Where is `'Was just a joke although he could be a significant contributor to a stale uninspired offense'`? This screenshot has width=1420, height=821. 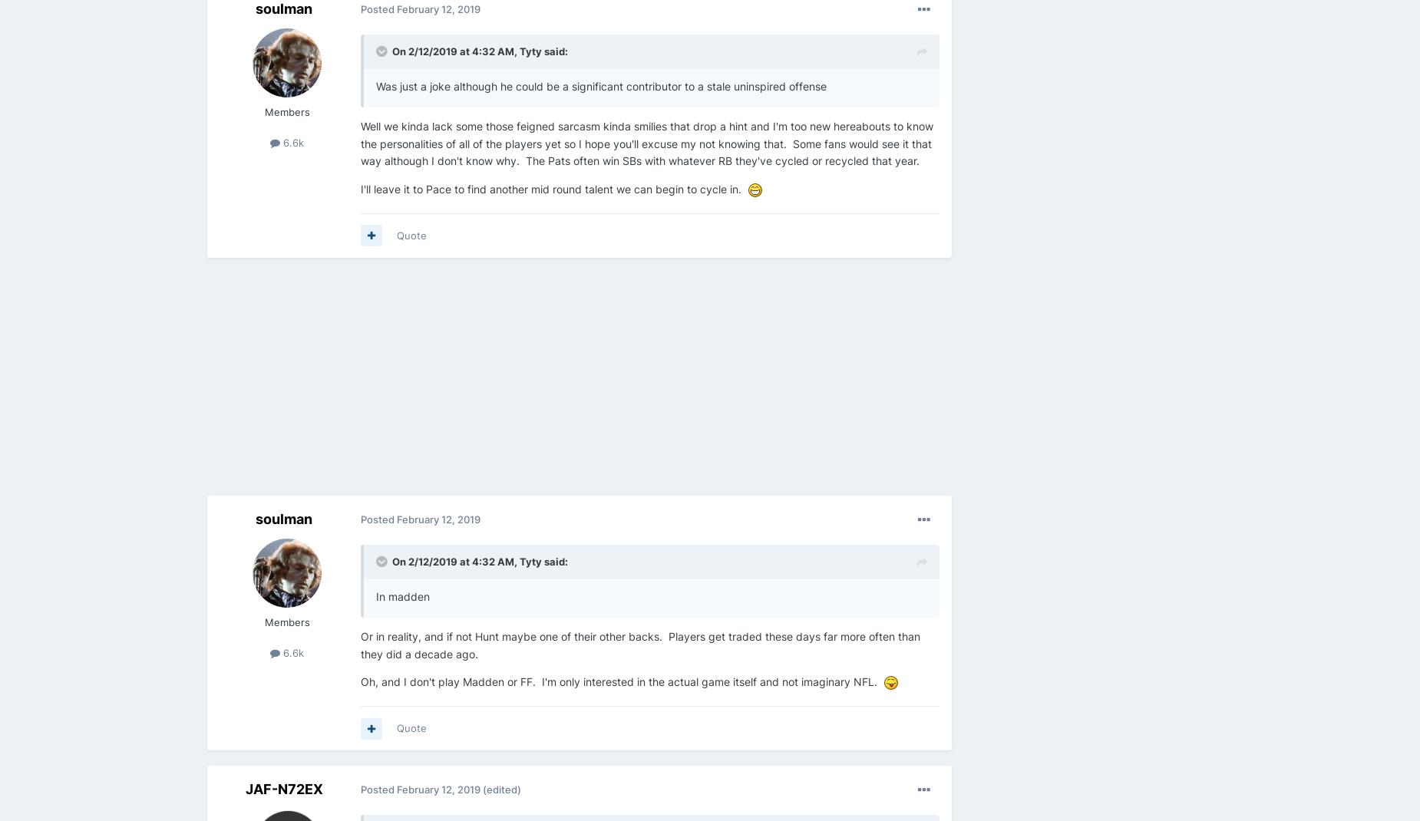
'Was just a joke although he could be a significant contributor to a stale uninspired offense' is located at coordinates (603, 86).